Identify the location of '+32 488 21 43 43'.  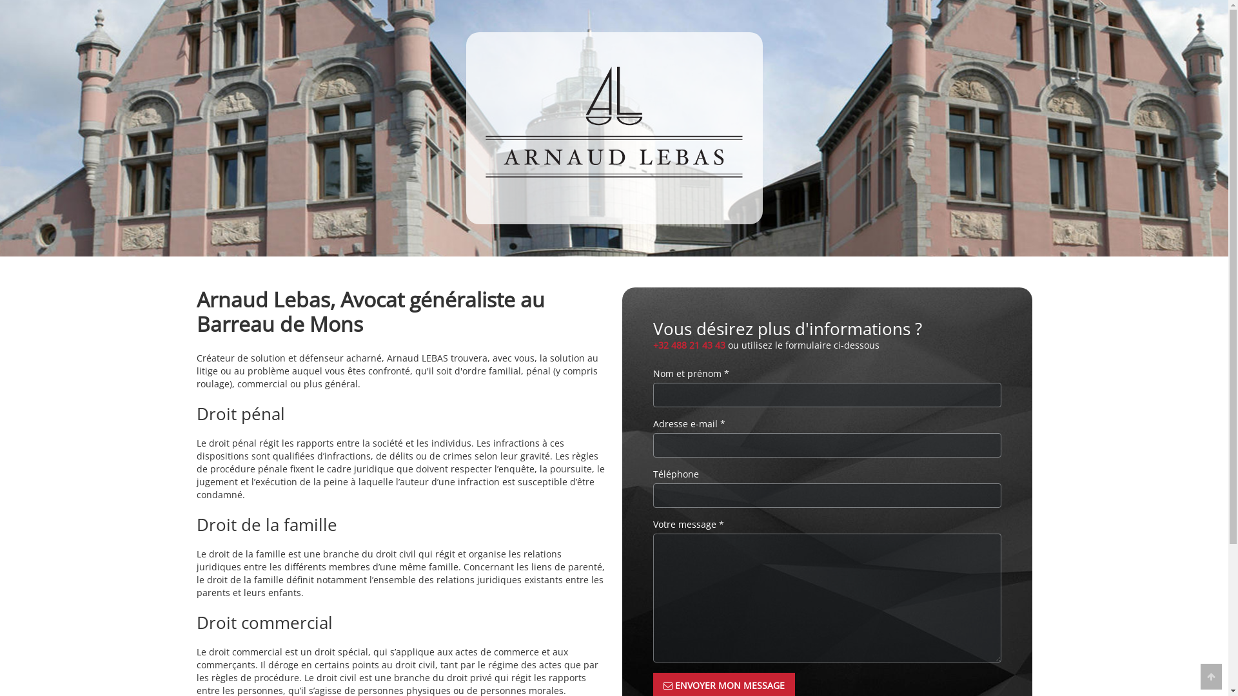
(688, 344).